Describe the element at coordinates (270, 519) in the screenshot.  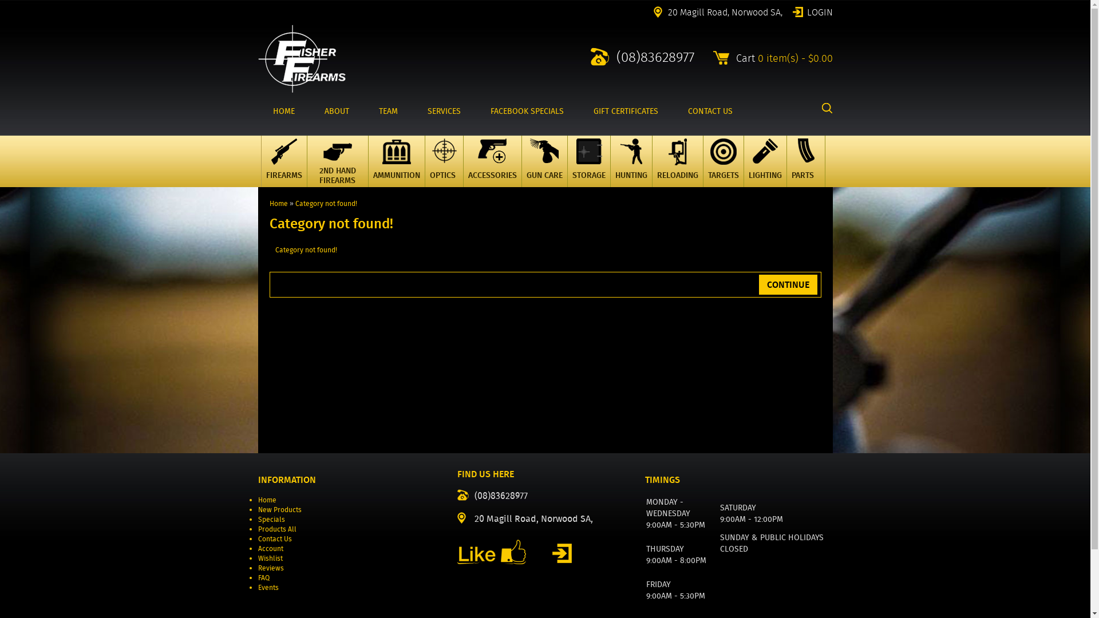
I see `'Specials'` at that location.